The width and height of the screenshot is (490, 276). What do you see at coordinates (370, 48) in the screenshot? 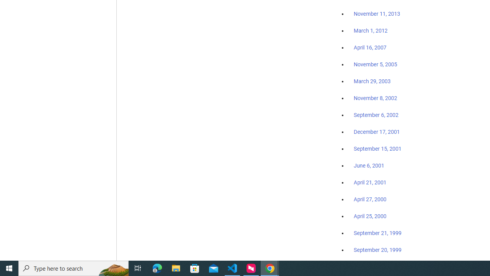
I see `'April 16, 2007'` at bounding box center [370, 48].